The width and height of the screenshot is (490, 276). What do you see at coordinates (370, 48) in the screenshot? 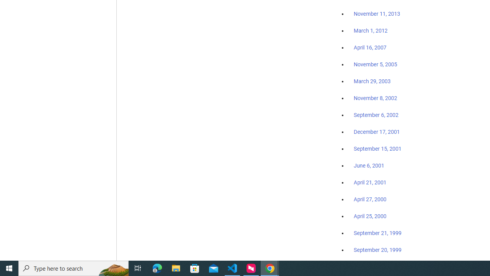
I see `'April 16, 2007'` at bounding box center [370, 48].